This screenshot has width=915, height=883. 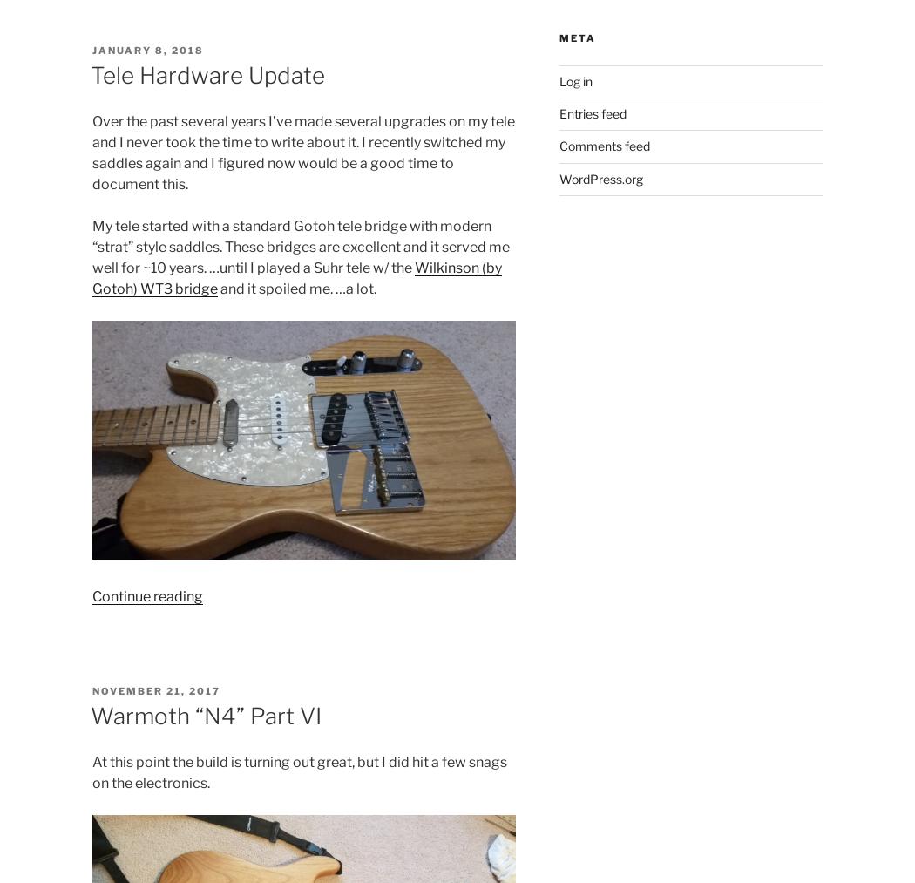 What do you see at coordinates (302, 153) in the screenshot?
I see `'Over the past several years I’ve made several upgrades on my tele and I never took the time to write about it. I recently switched my saddles again and I figured now would be a good time to document this.'` at bounding box center [302, 153].